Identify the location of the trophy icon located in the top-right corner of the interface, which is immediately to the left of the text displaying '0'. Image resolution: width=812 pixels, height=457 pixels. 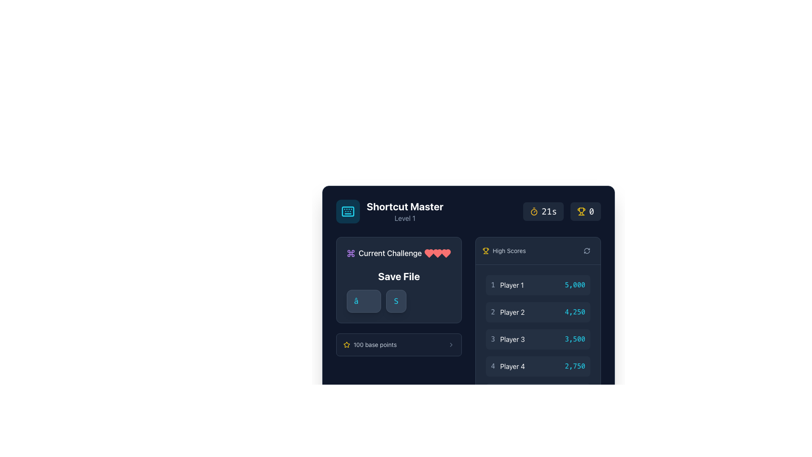
(581, 211).